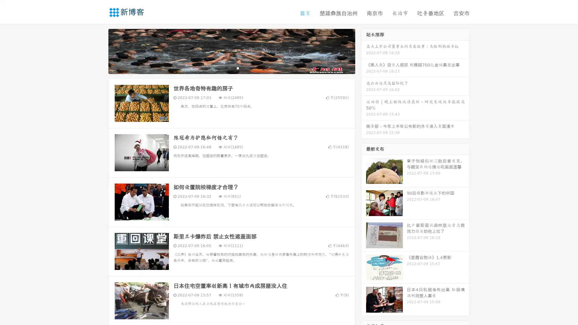 This screenshot has width=578, height=325. What do you see at coordinates (99, 51) in the screenshot?
I see `Previous slide` at bounding box center [99, 51].